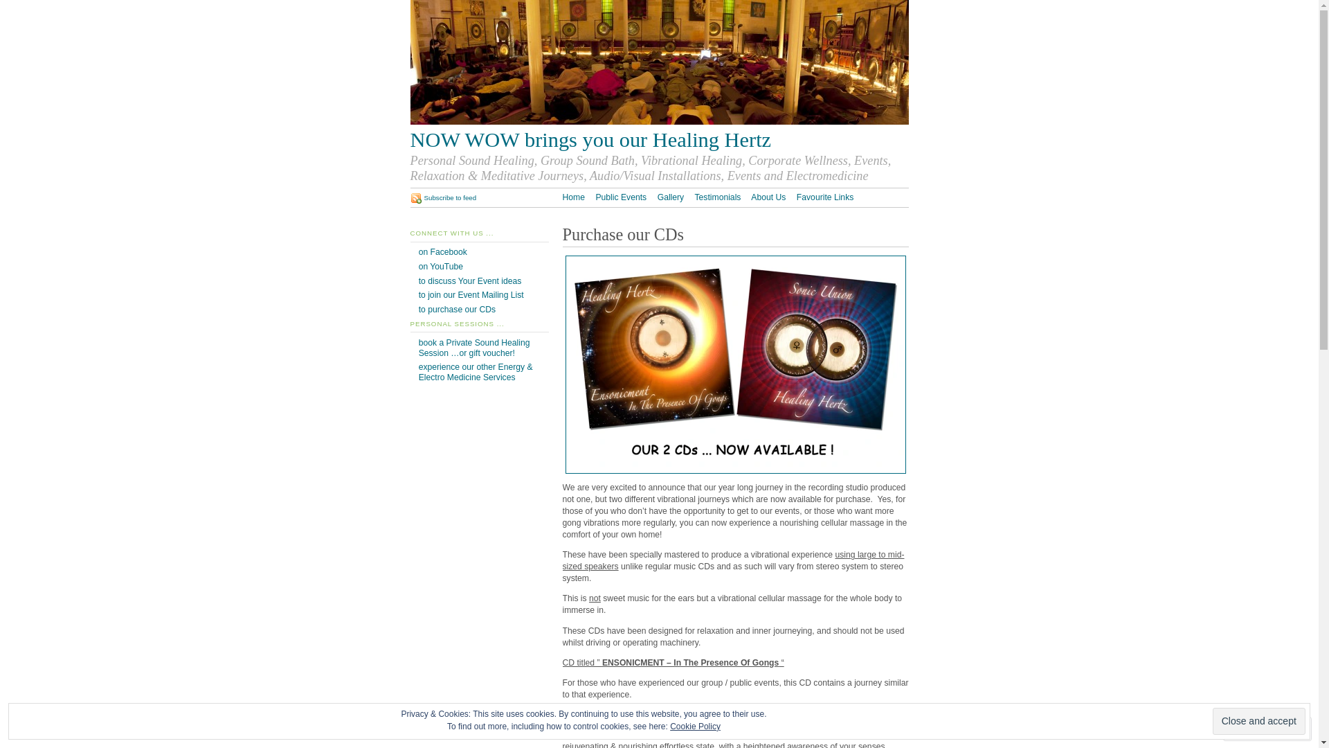 The image size is (1329, 748). Describe the element at coordinates (442, 251) in the screenshot. I see `'on Facebook'` at that location.